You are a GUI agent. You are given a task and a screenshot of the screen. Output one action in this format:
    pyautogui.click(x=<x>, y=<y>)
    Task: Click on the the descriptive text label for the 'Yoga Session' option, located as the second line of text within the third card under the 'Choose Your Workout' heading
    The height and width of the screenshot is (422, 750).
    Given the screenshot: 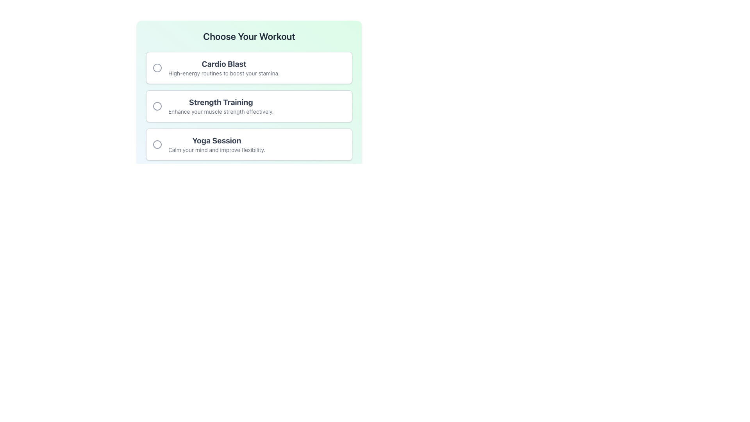 What is the action you would take?
    pyautogui.click(x=216, y=150)
    